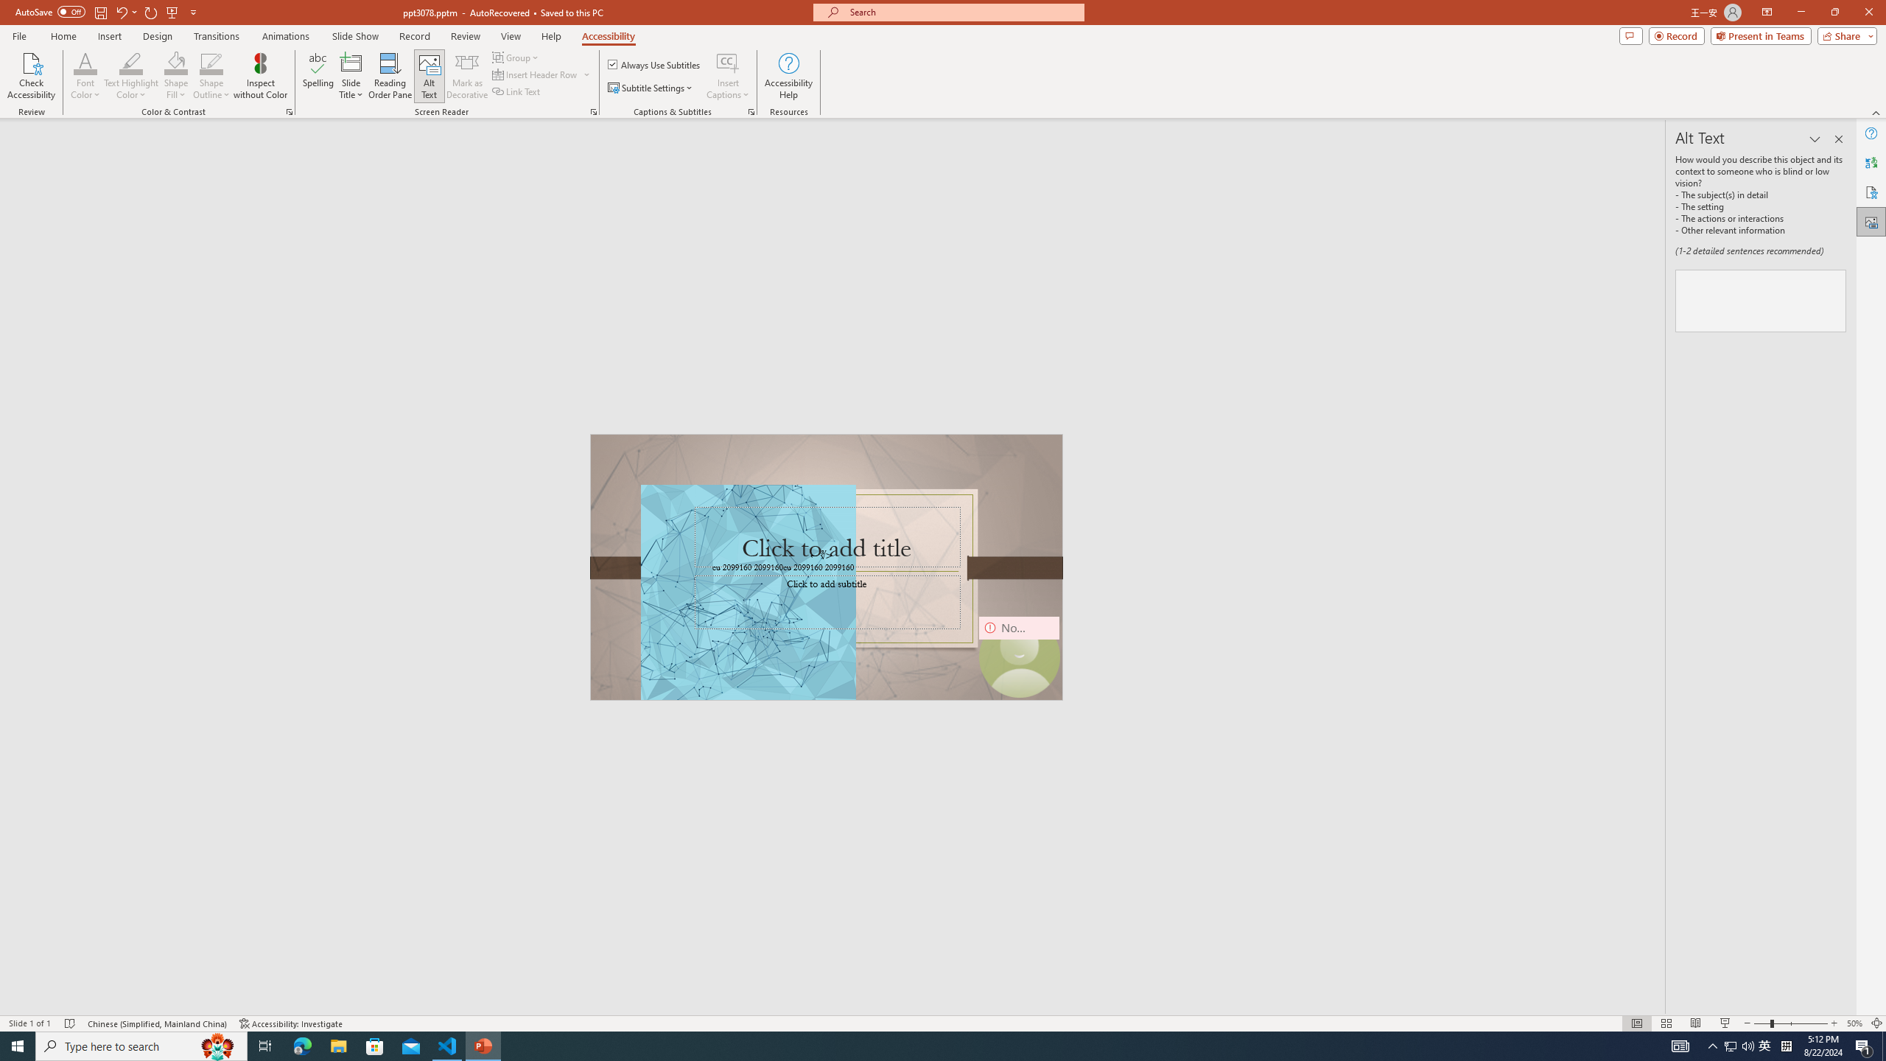  I want to click on 'Insert Header Row', so click(541, 73).